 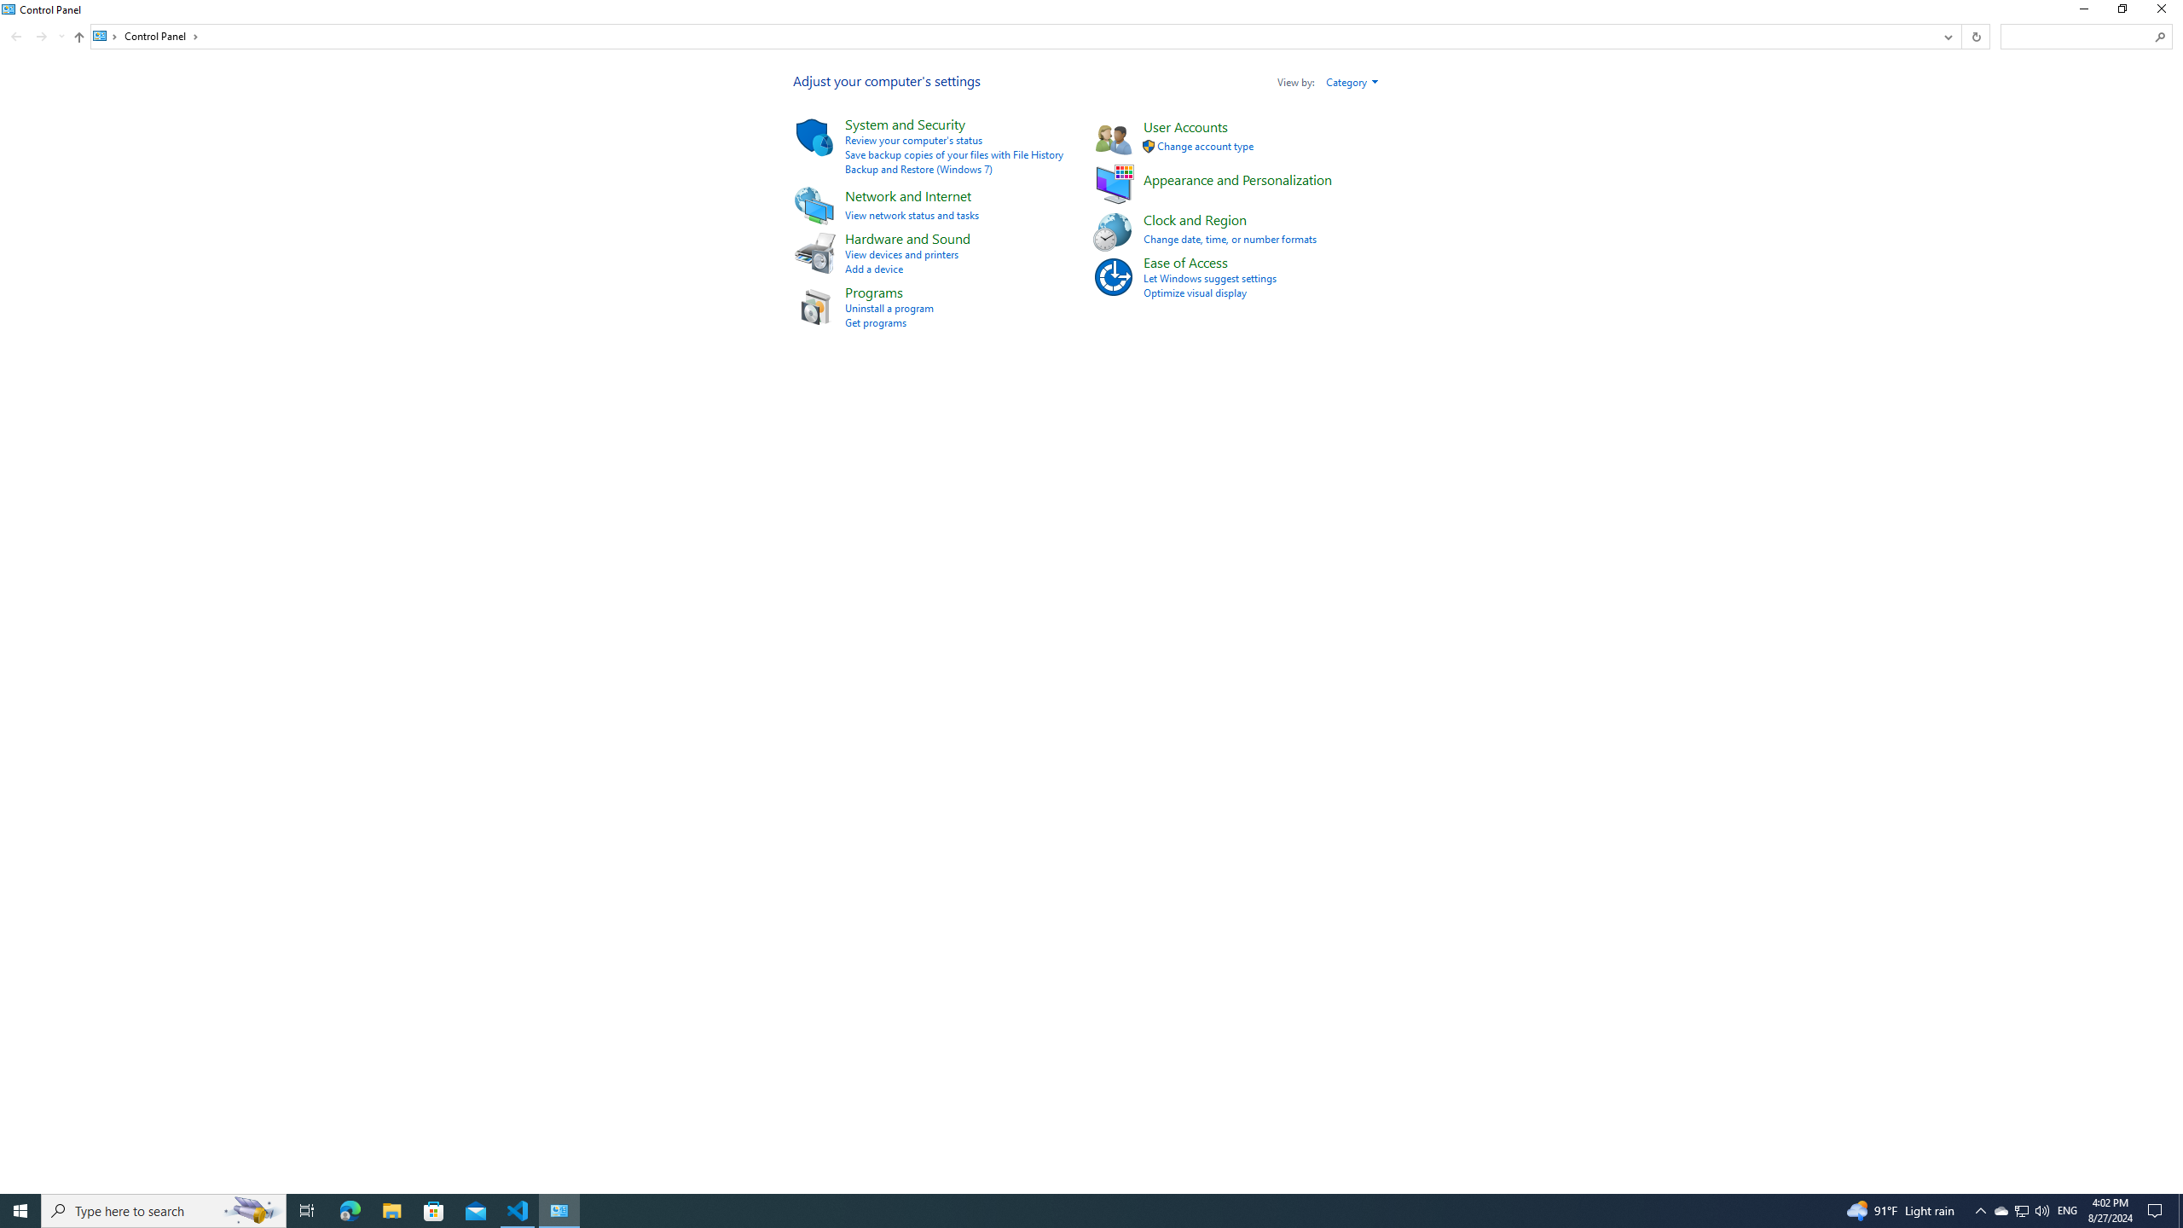 What do you see at coordinates (1974, 36) in the screenshot?
I see `'Refresh "Control Panel" (F5)'` at bounding box center [1974, 36].